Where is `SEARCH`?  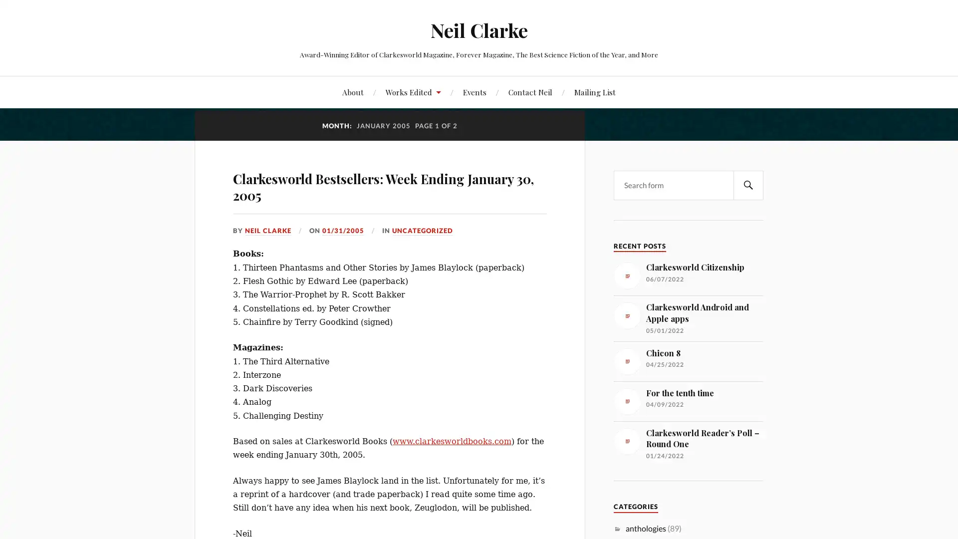 SEARCH is located at coordinates (748, 185).